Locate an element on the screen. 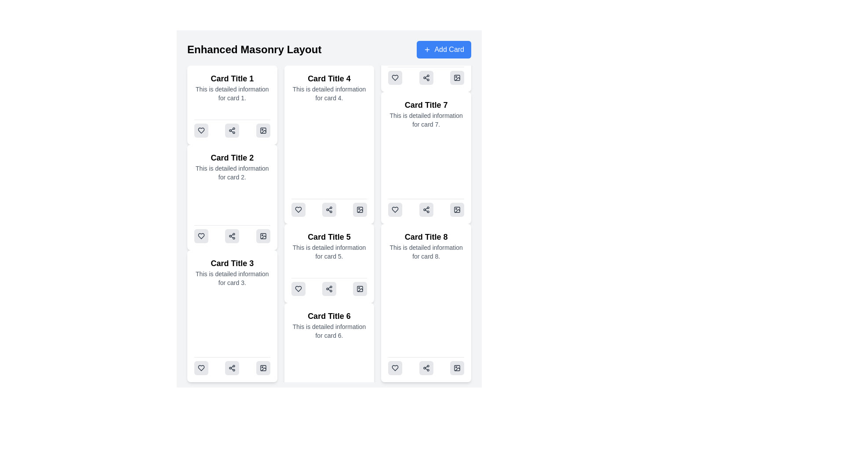 Image resolution: width=844 pixels, height=475 pixels. the properties of the SVG graphic rectangle that serves as an image action indicator, located in the bottom-right corner of the 'Card Title 5' card, specifically the third icon from the left is located at coordinates (360, 210).